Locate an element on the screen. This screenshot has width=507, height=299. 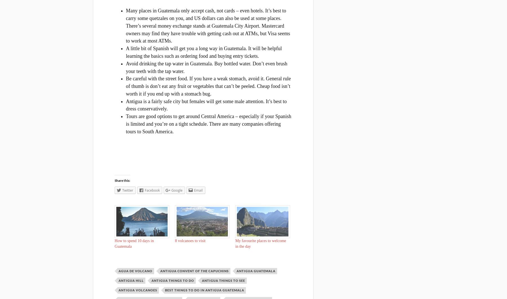
'antigua volcanoes' is located at coordinates (137, 290).